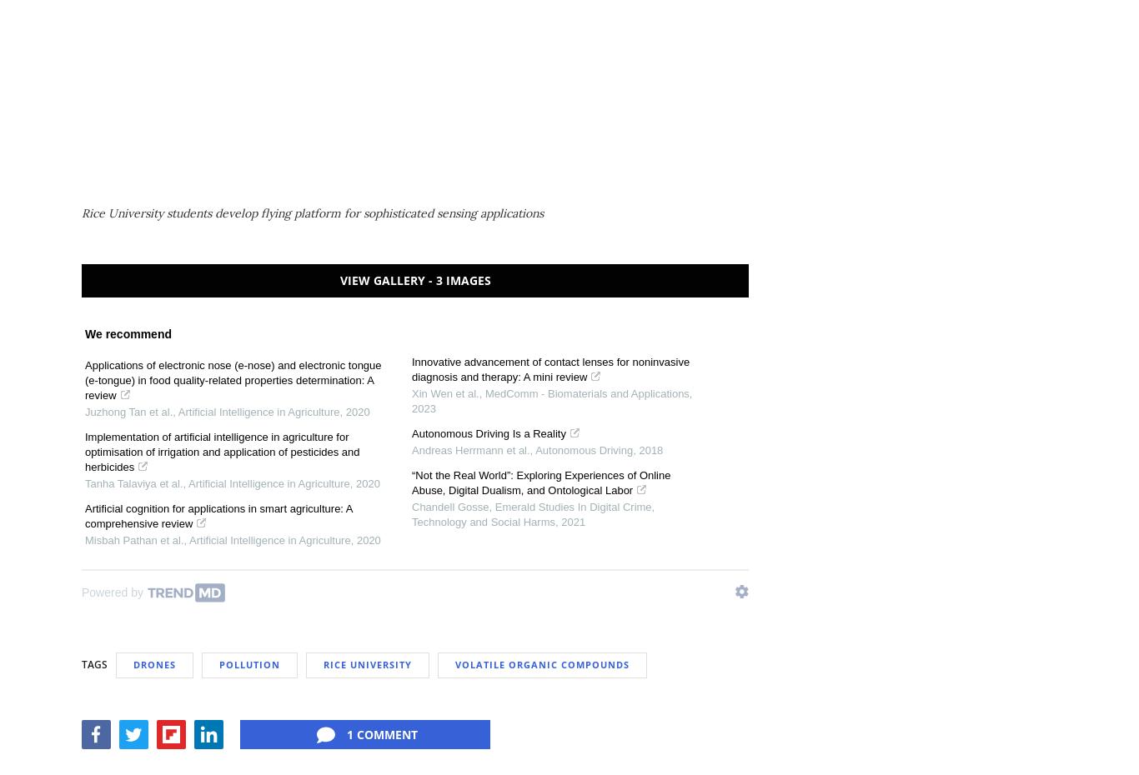 The width and height of the screenshot is (1139, 775). What do you see at coordinates (587, 392) in the screenshot?
I see `'MedComm - Biomaterials and Applications,'` at bounding box center [587, 392].